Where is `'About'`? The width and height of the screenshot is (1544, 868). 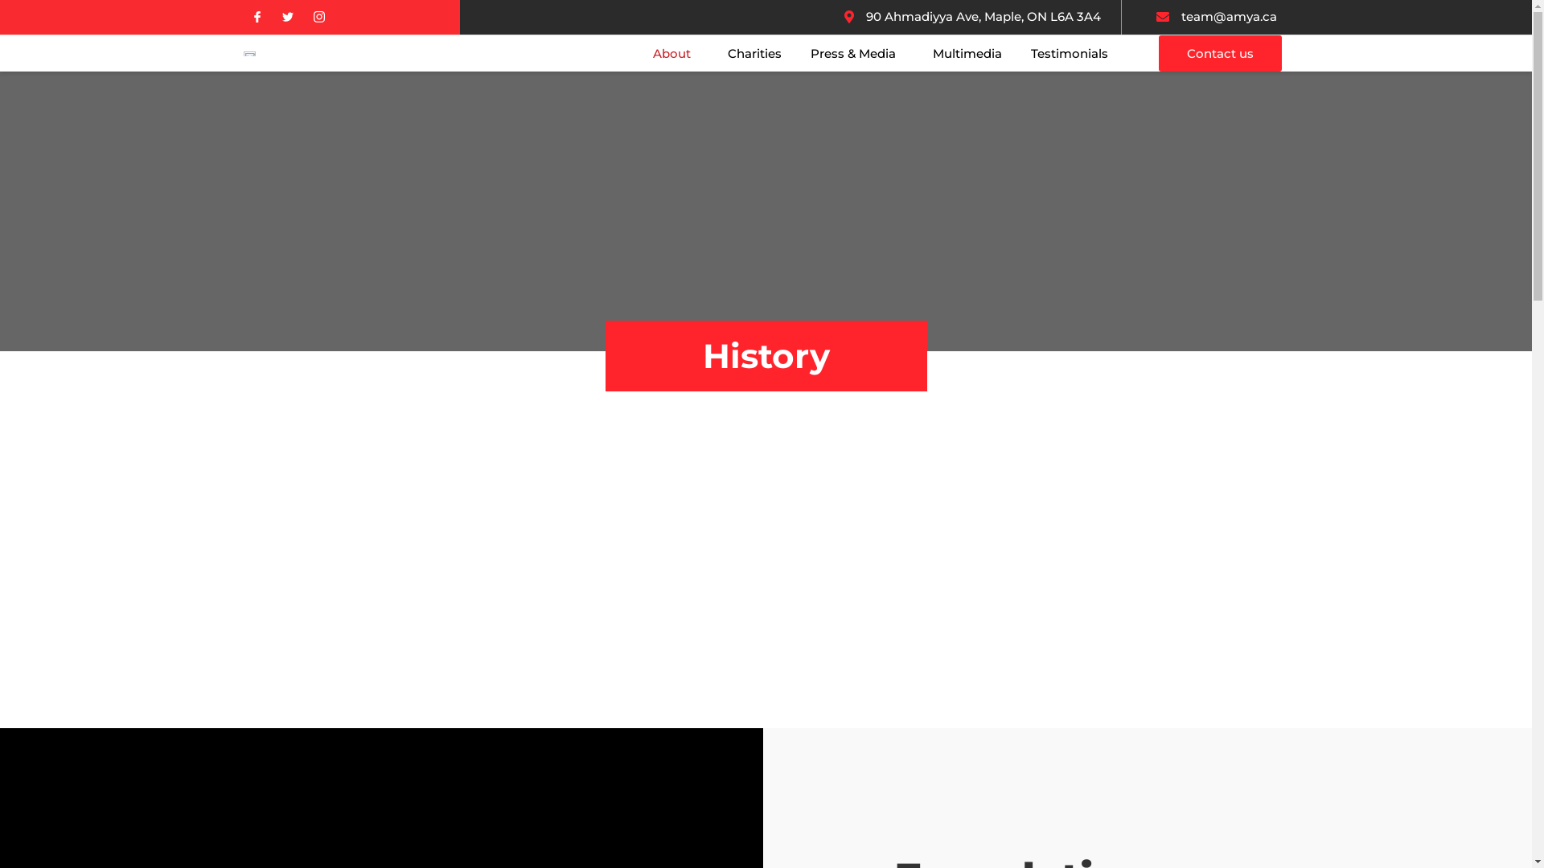 'About' is located at coordinates (675, 52).